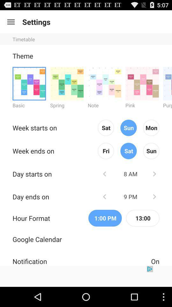 The height and width of the screenshot is (307, 172). Describe the element at coordinates (142, 83) in the screenshot. I see `more` at that location.